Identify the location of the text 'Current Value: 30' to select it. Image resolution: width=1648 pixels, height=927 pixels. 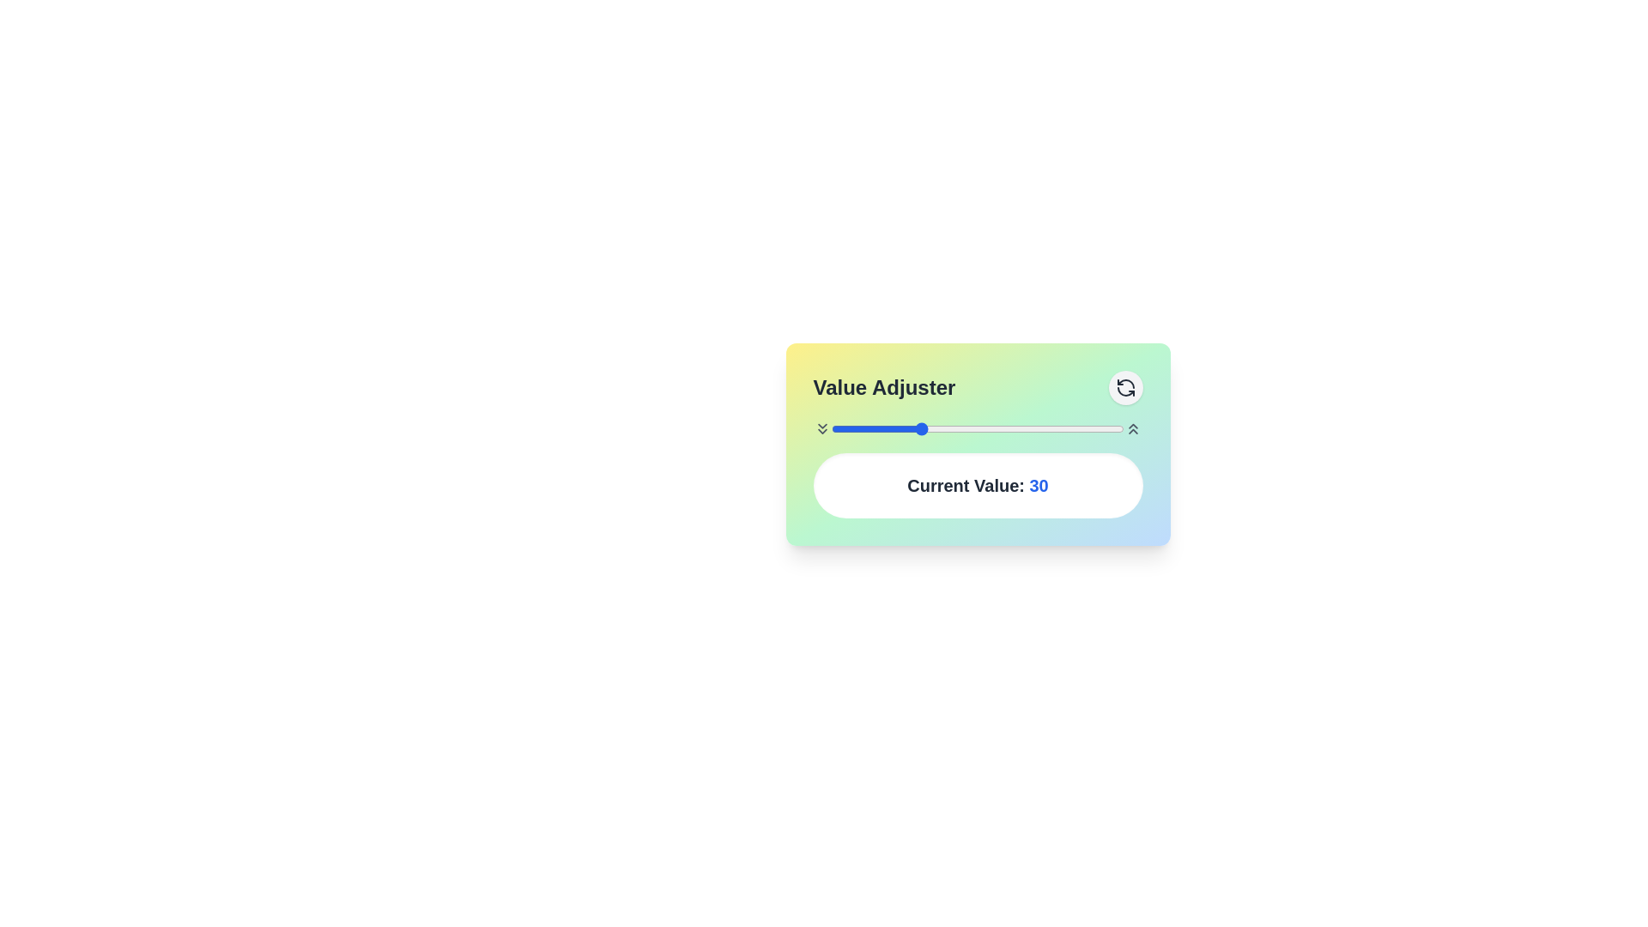
(978, 486).